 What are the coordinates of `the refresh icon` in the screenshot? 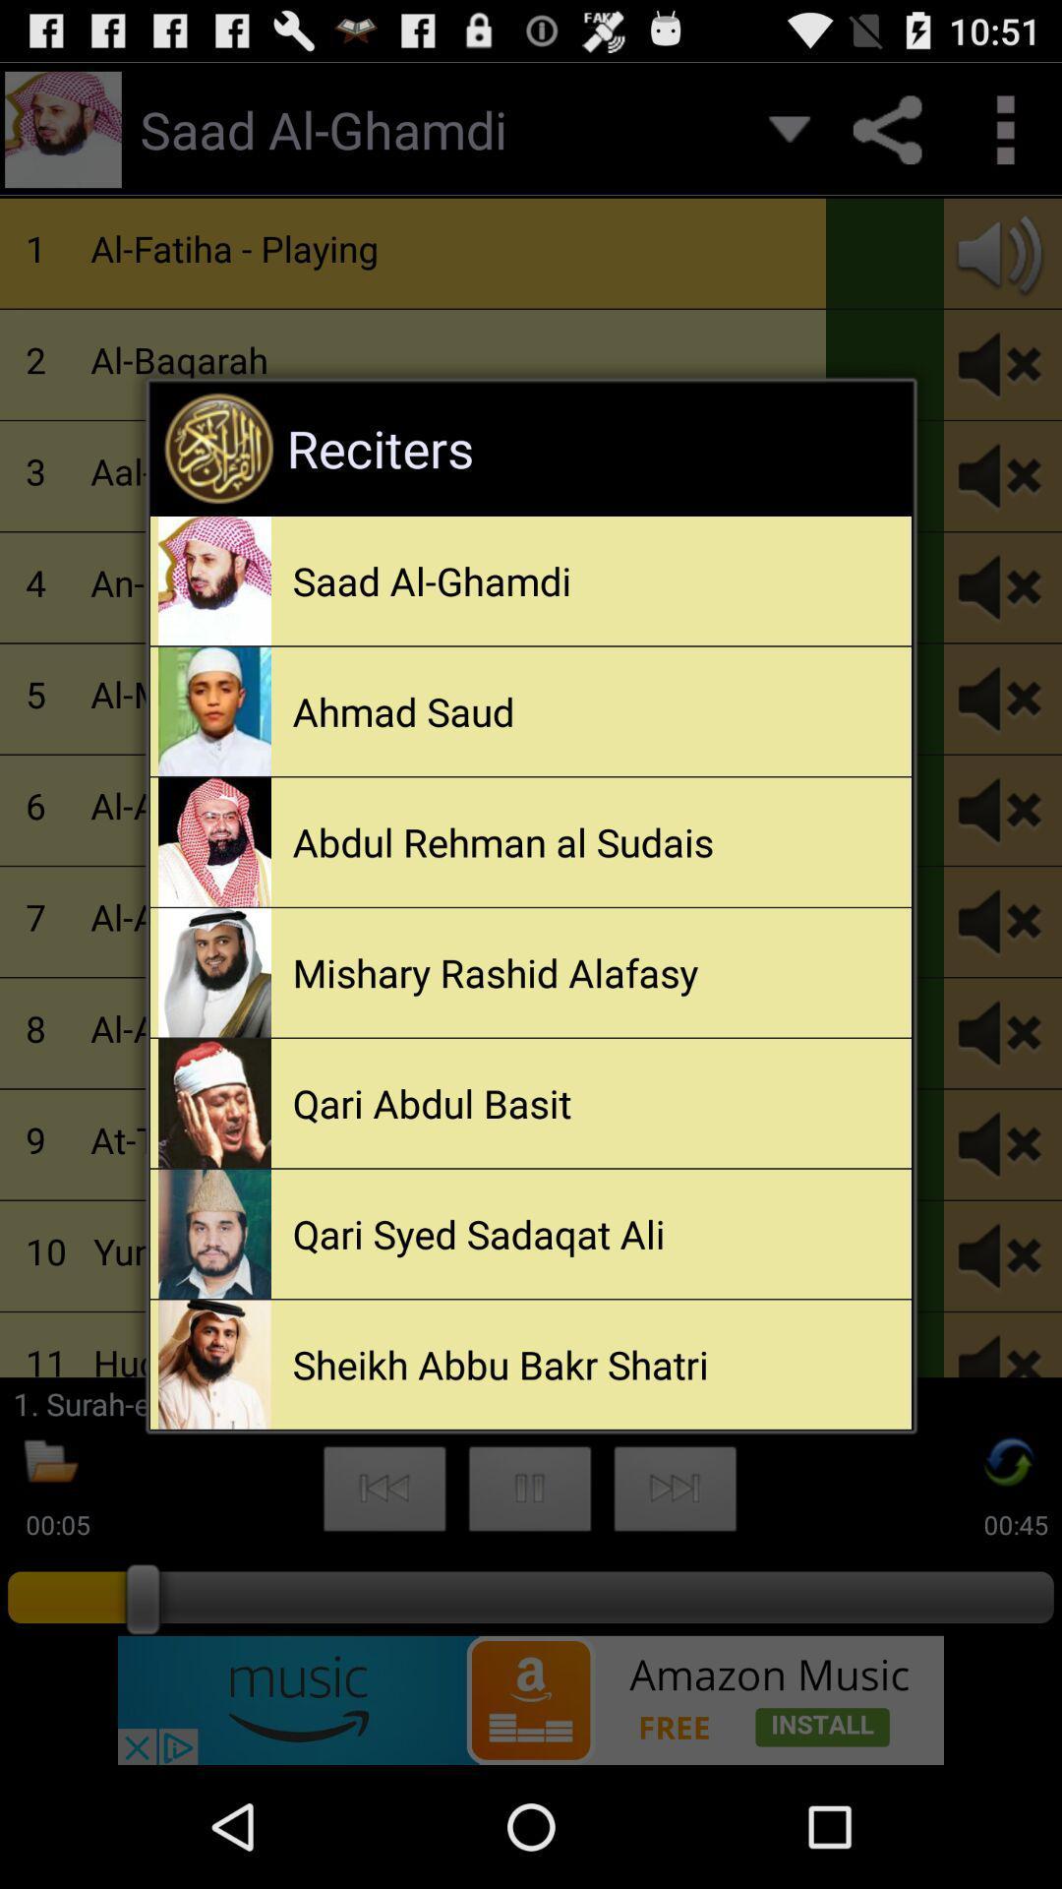 It's located at (1010, 1570).